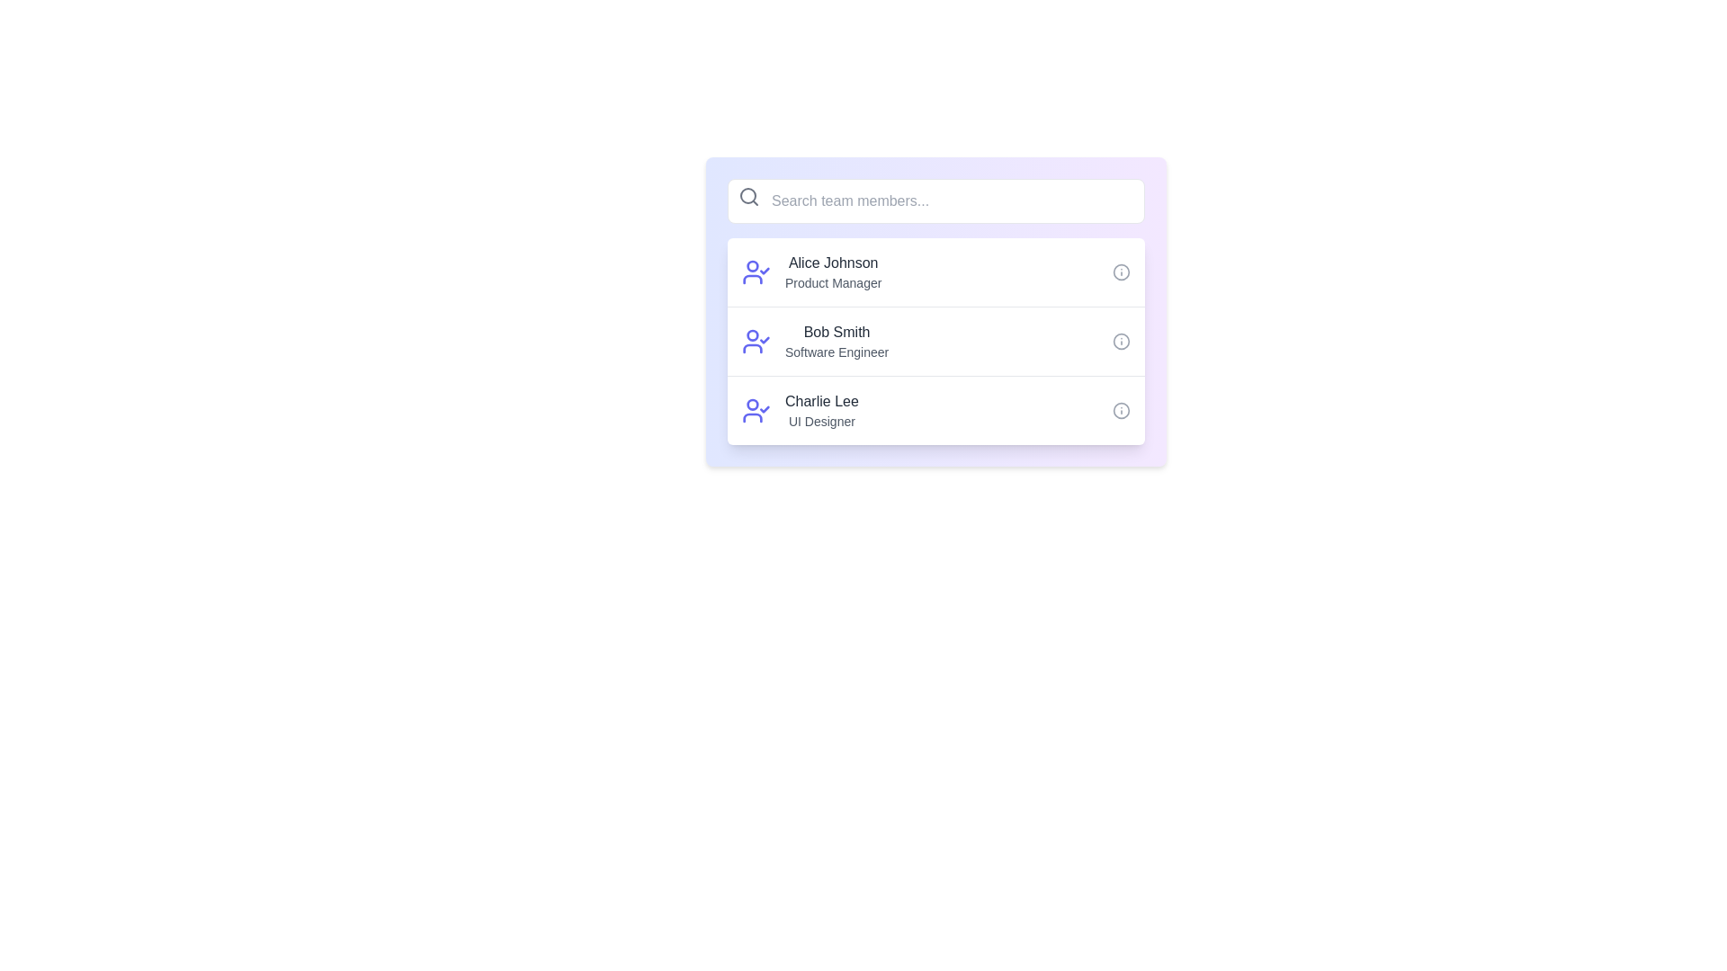 This screenshot has height=971, width=1727. What do you see at coordinates (820, 422) in the screenshot?
I see `the static text label displaying 'UI Designer' located beneath 'Charlie Lee' in the third entry of the team members list` at bounding box center [820, 422].